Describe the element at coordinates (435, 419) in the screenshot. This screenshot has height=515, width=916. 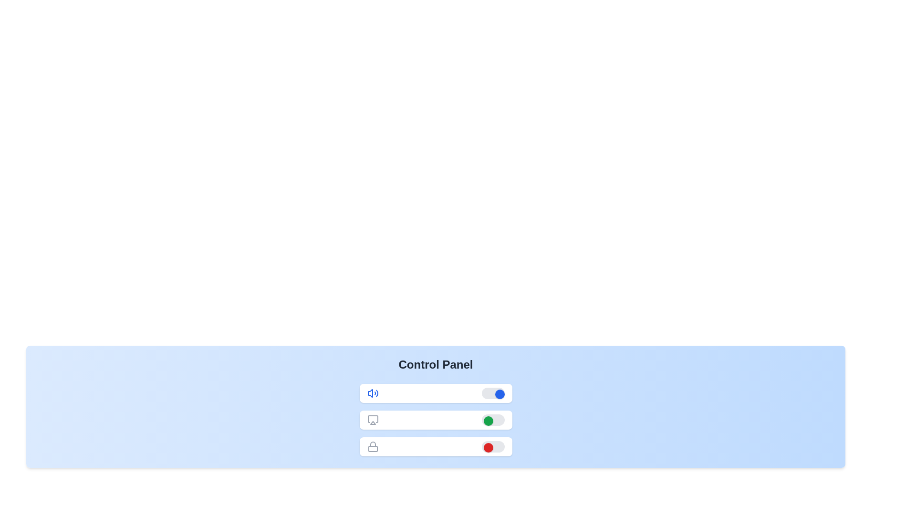
I see `the green switch on the middle toggleable control item in the vertical stack within the 'Control Panel'` at that location.